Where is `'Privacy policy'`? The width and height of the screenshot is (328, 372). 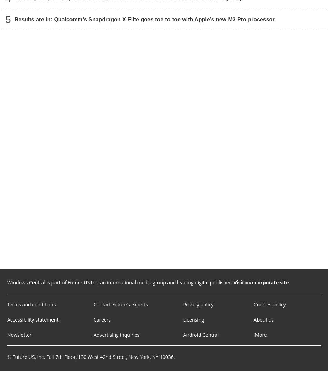 'Privacy policy' is located at coordinates (198, 304).